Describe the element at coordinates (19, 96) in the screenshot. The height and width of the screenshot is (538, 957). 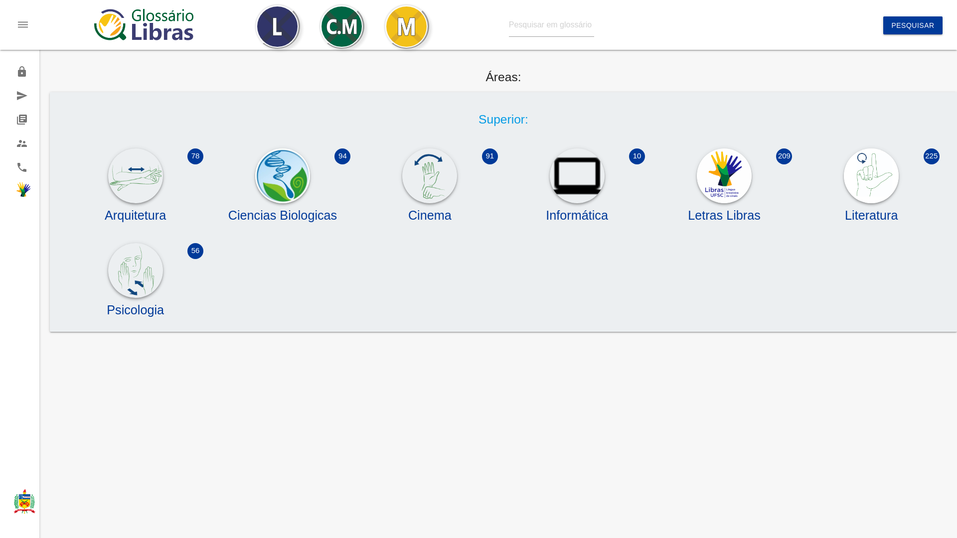
I see `'send` at that location.